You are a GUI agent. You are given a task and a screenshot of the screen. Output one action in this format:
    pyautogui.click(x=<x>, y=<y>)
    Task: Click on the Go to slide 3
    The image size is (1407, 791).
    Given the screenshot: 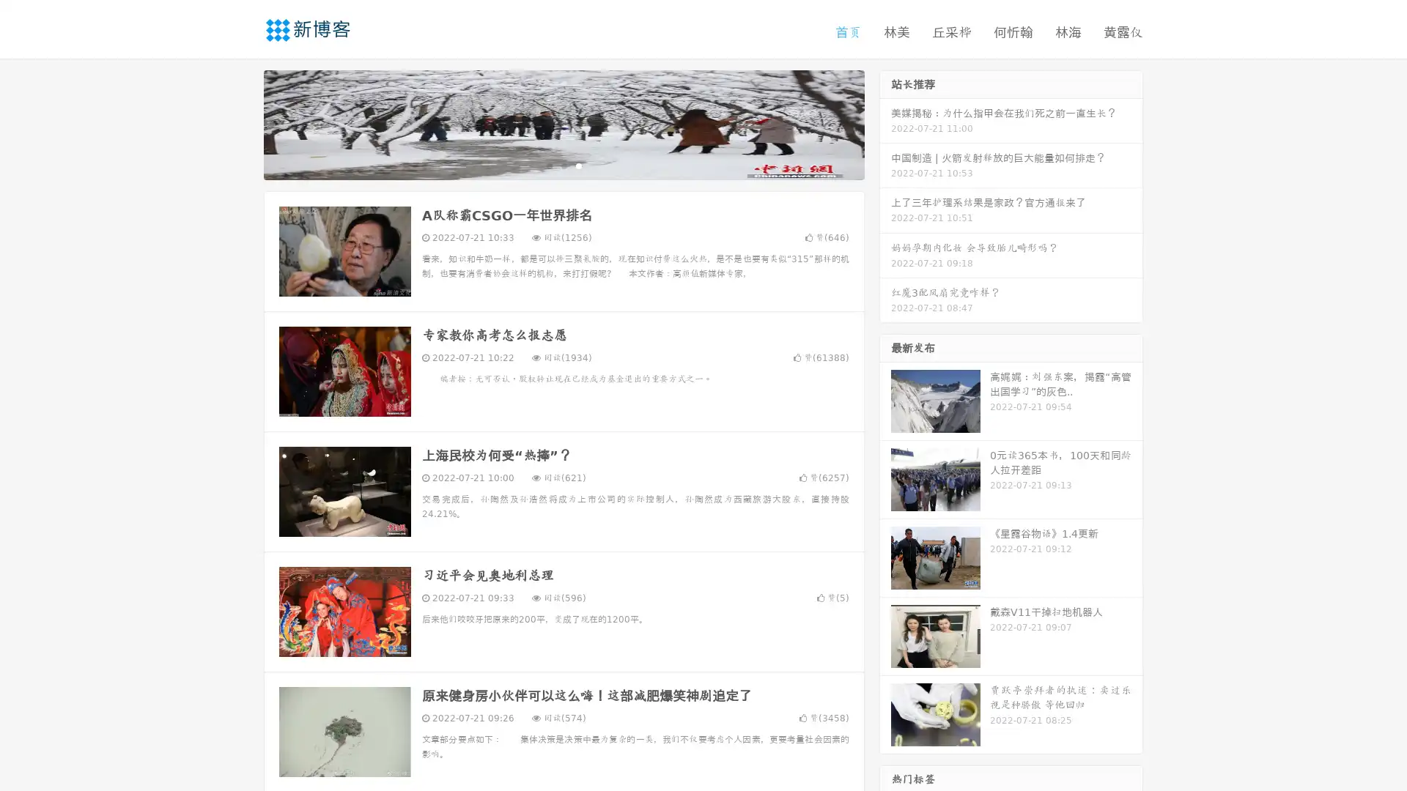 What is the action you would take?
    pyautogui.click(x=578, y=165)
    